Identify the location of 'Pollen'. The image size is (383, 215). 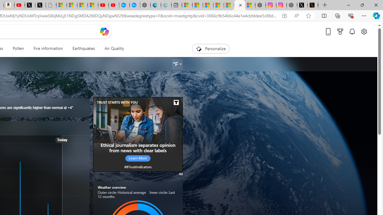
(18, 48).